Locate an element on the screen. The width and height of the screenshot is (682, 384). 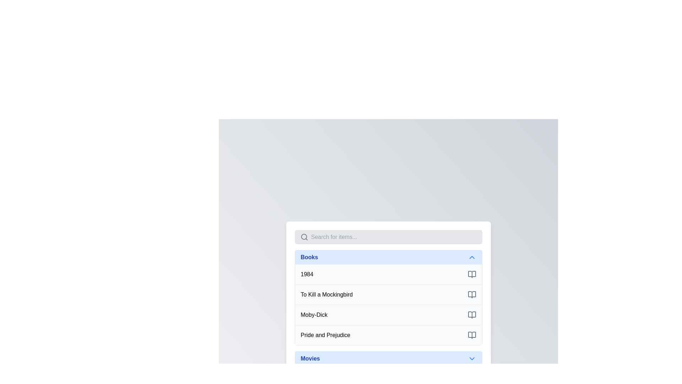
the search icon located in the horizontal bar near the left side, preceding the text input field is located at coordinates (304, 237).